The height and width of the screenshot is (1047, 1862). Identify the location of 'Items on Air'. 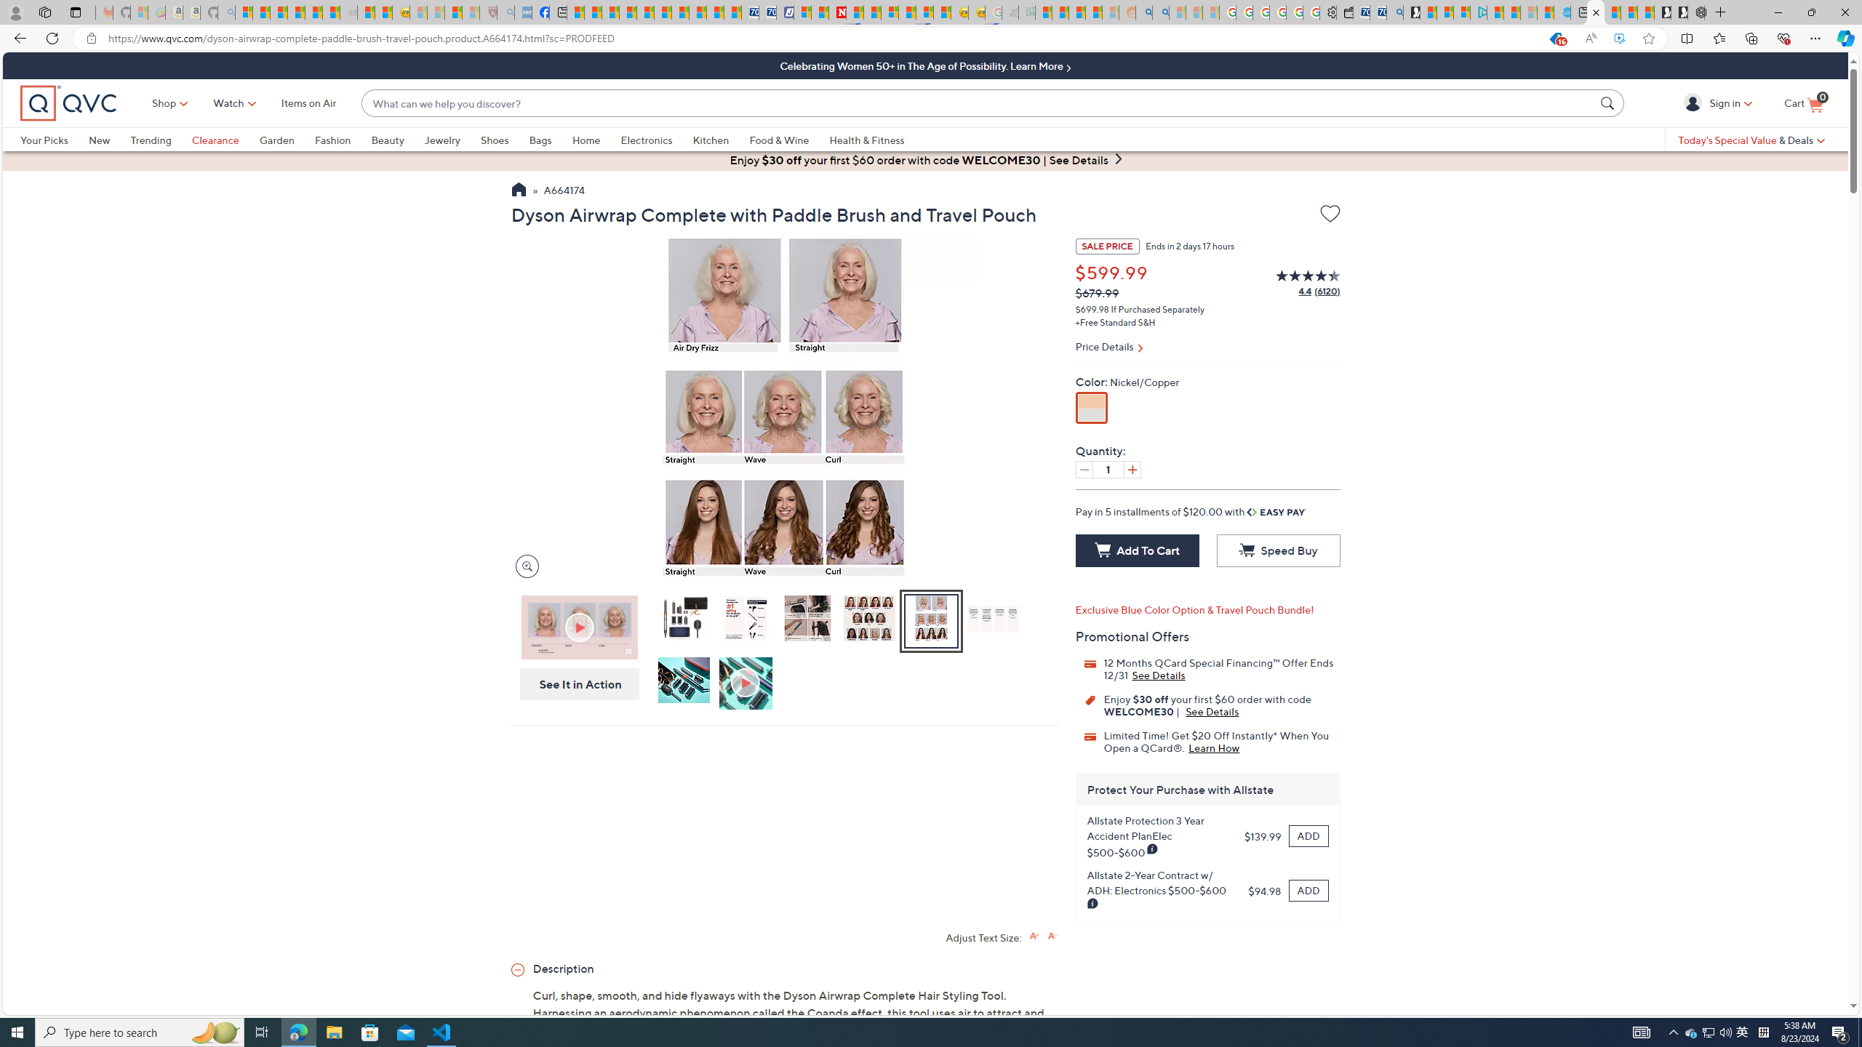
(308, 103).